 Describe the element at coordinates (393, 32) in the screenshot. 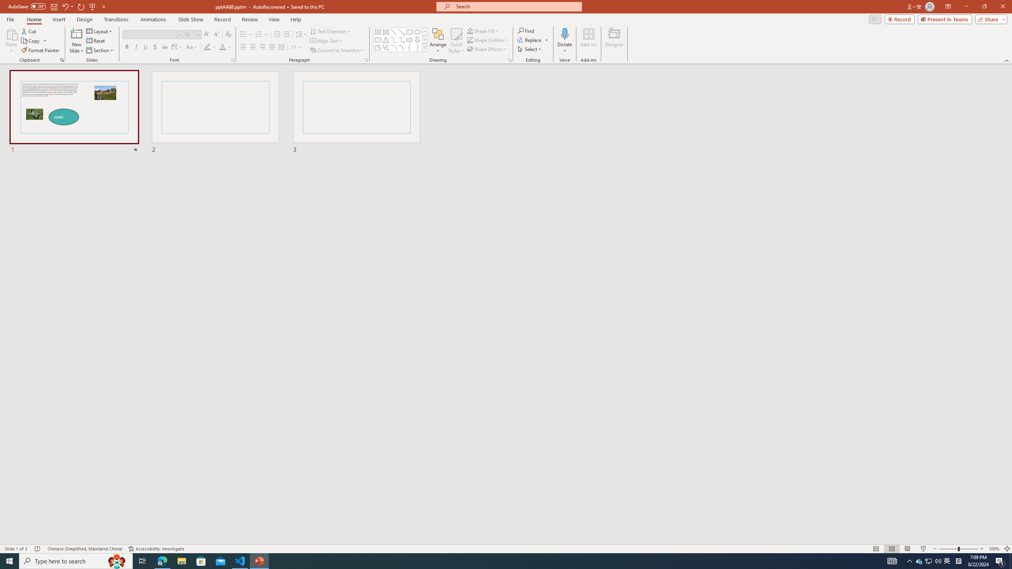

I see `'Line'` at that location.